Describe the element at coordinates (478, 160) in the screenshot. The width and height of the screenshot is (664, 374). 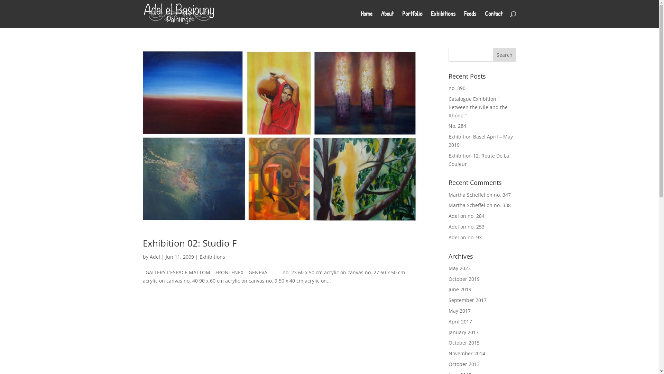
I see `'Exhibition 12: Route De La Couleur'` at that location.